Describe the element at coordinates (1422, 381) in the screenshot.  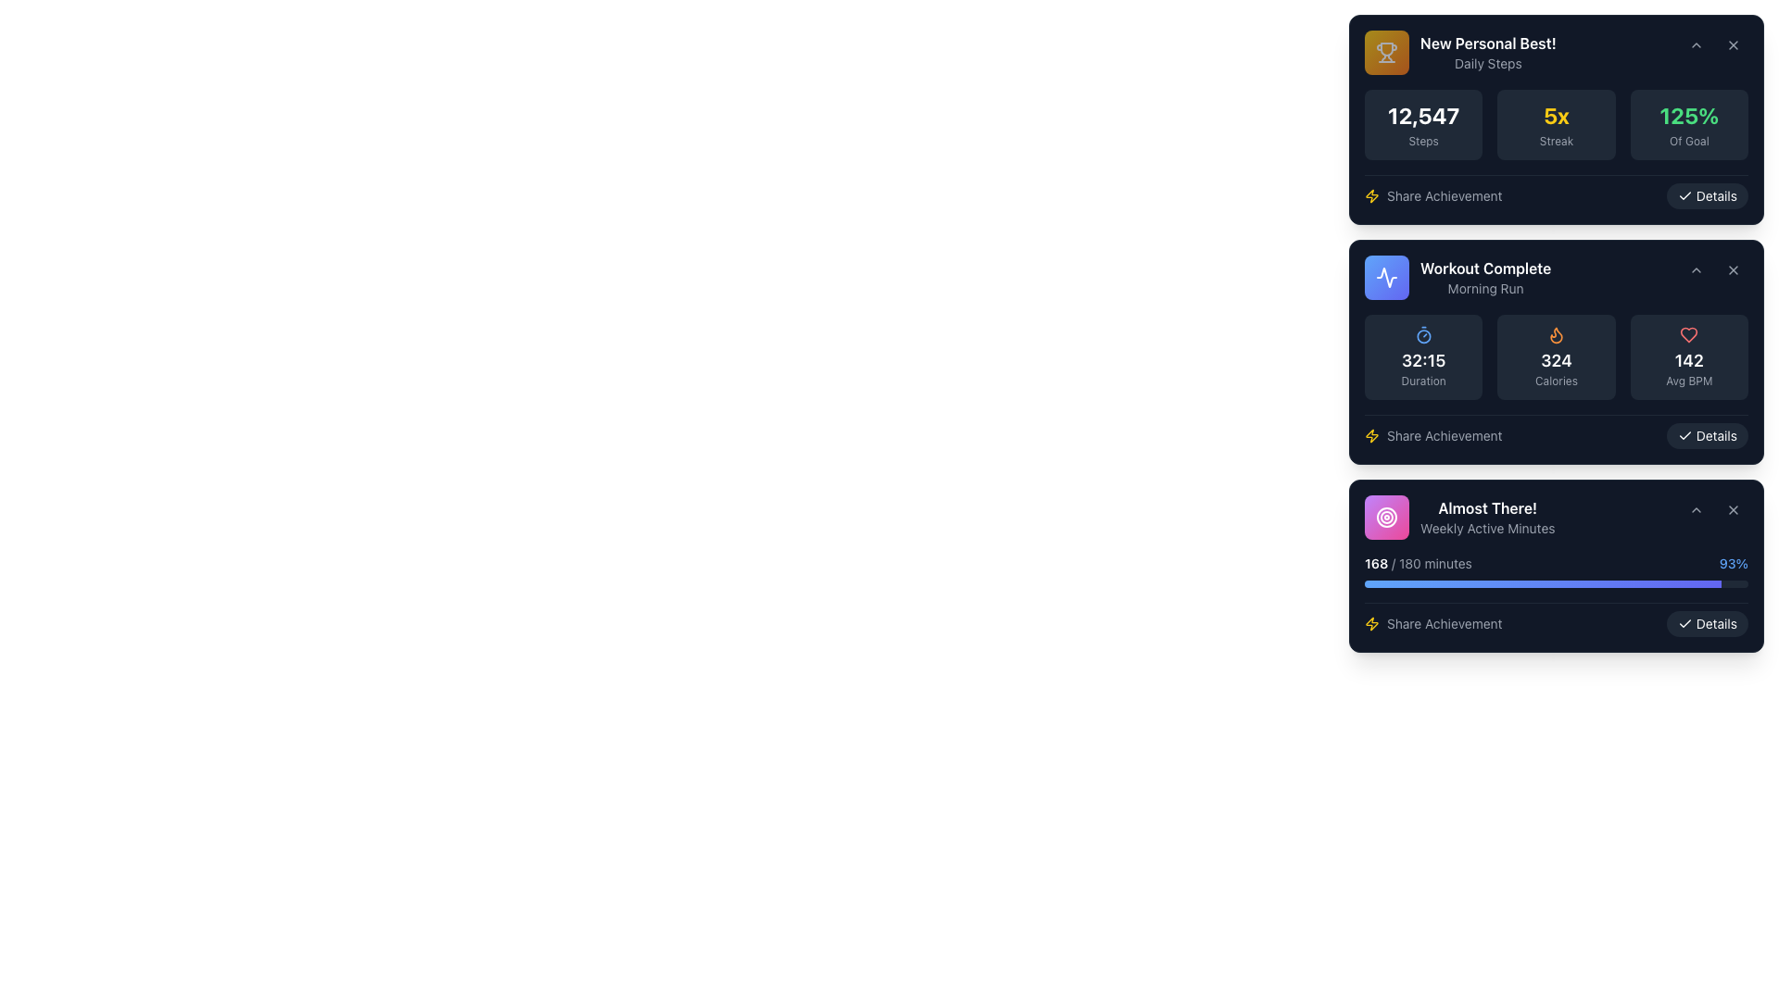
I see `the static text label displaying 'Duration', which is located beneath the bold numeral '32:15' in the second card of a vertically stacked list` at that location.